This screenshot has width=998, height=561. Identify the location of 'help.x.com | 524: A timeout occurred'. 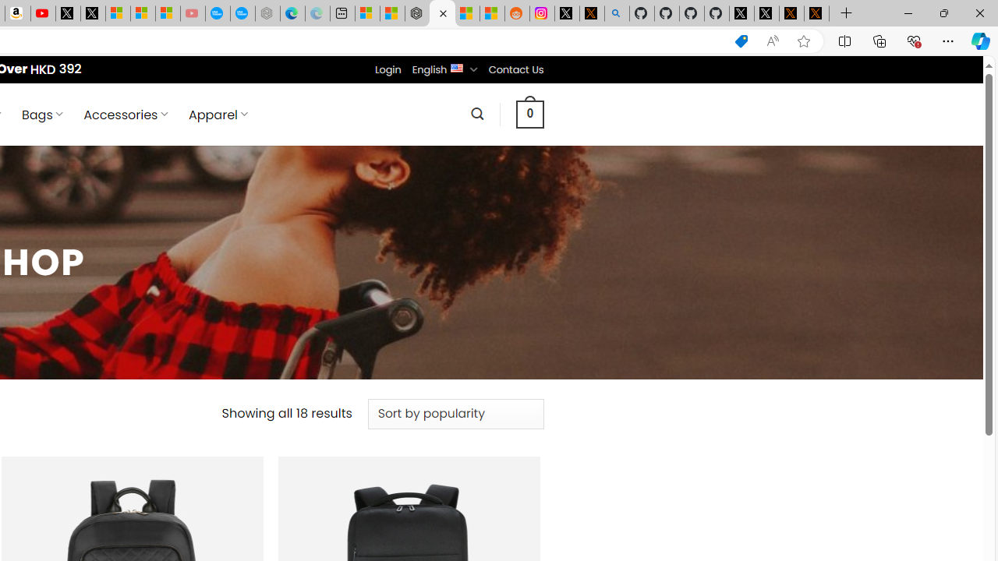
(591, 13).